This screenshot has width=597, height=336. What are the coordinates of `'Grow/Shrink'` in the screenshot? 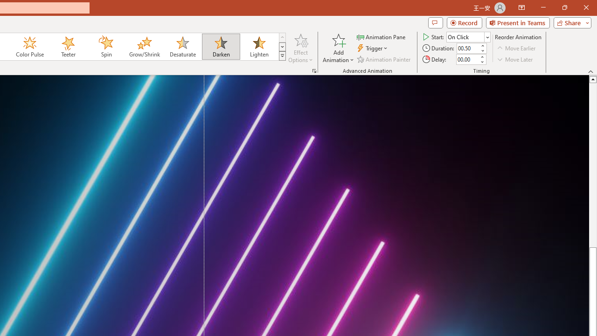 It's located at (144, 47).